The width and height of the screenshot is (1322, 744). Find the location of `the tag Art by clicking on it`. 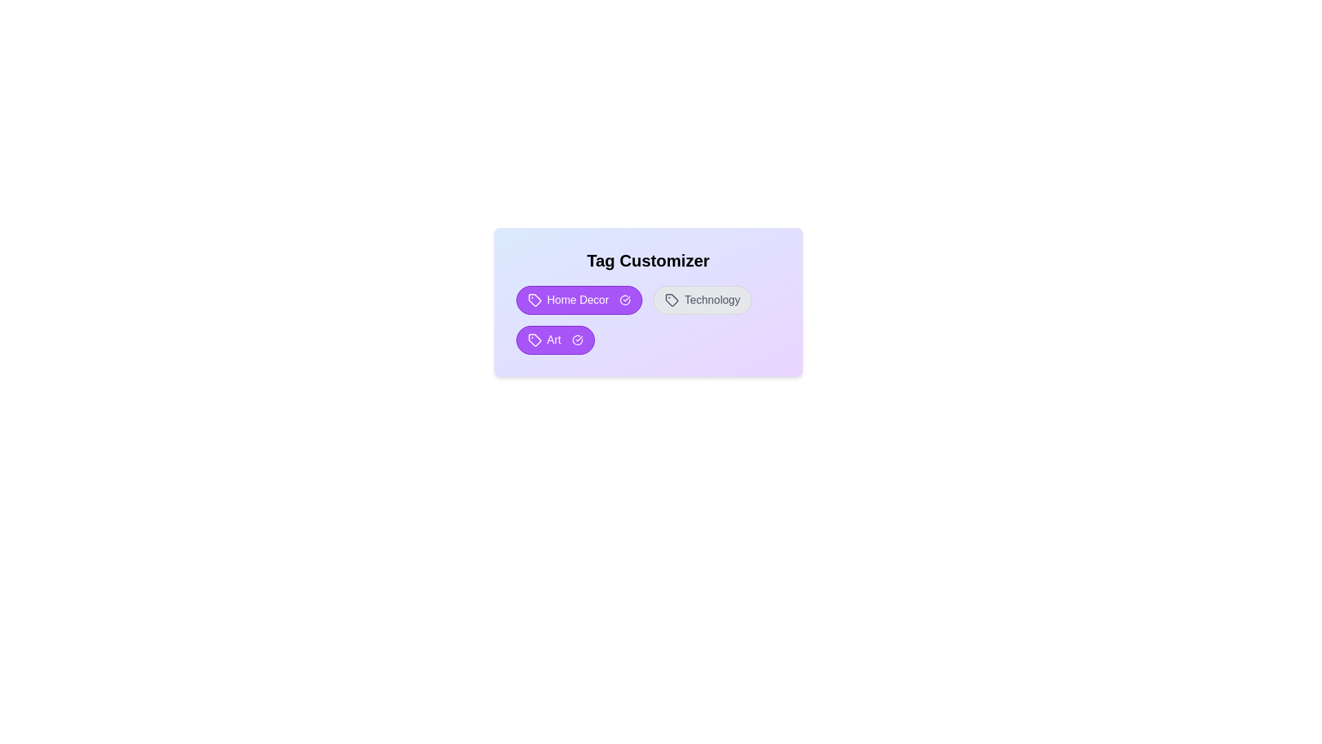

the tag Art by clicking on it is located at coordinates (555, 340).